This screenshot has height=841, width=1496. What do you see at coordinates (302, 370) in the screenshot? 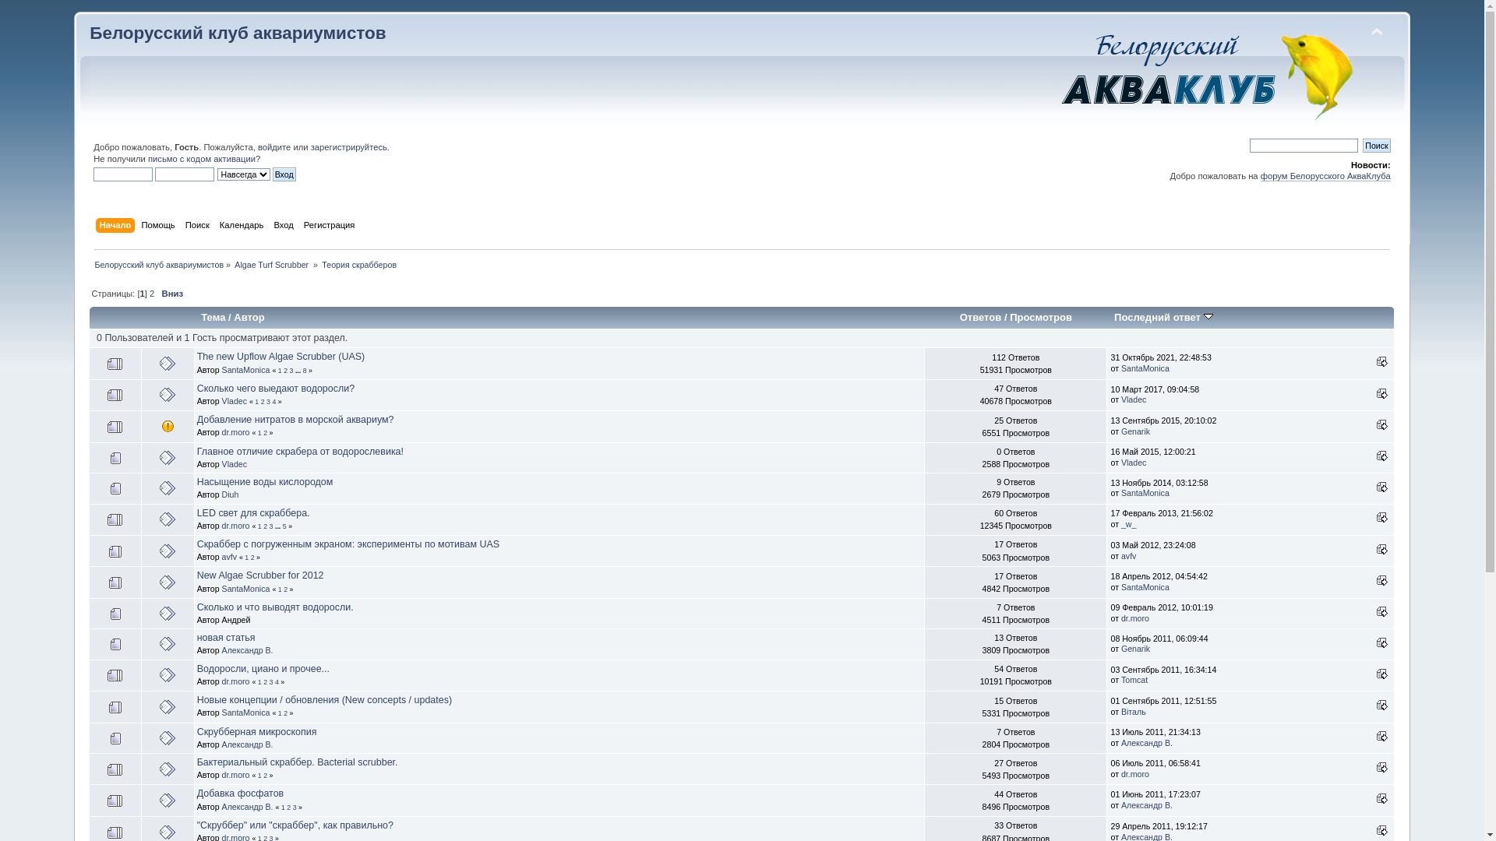
I see `'8'` at bounding box center [302, 370].